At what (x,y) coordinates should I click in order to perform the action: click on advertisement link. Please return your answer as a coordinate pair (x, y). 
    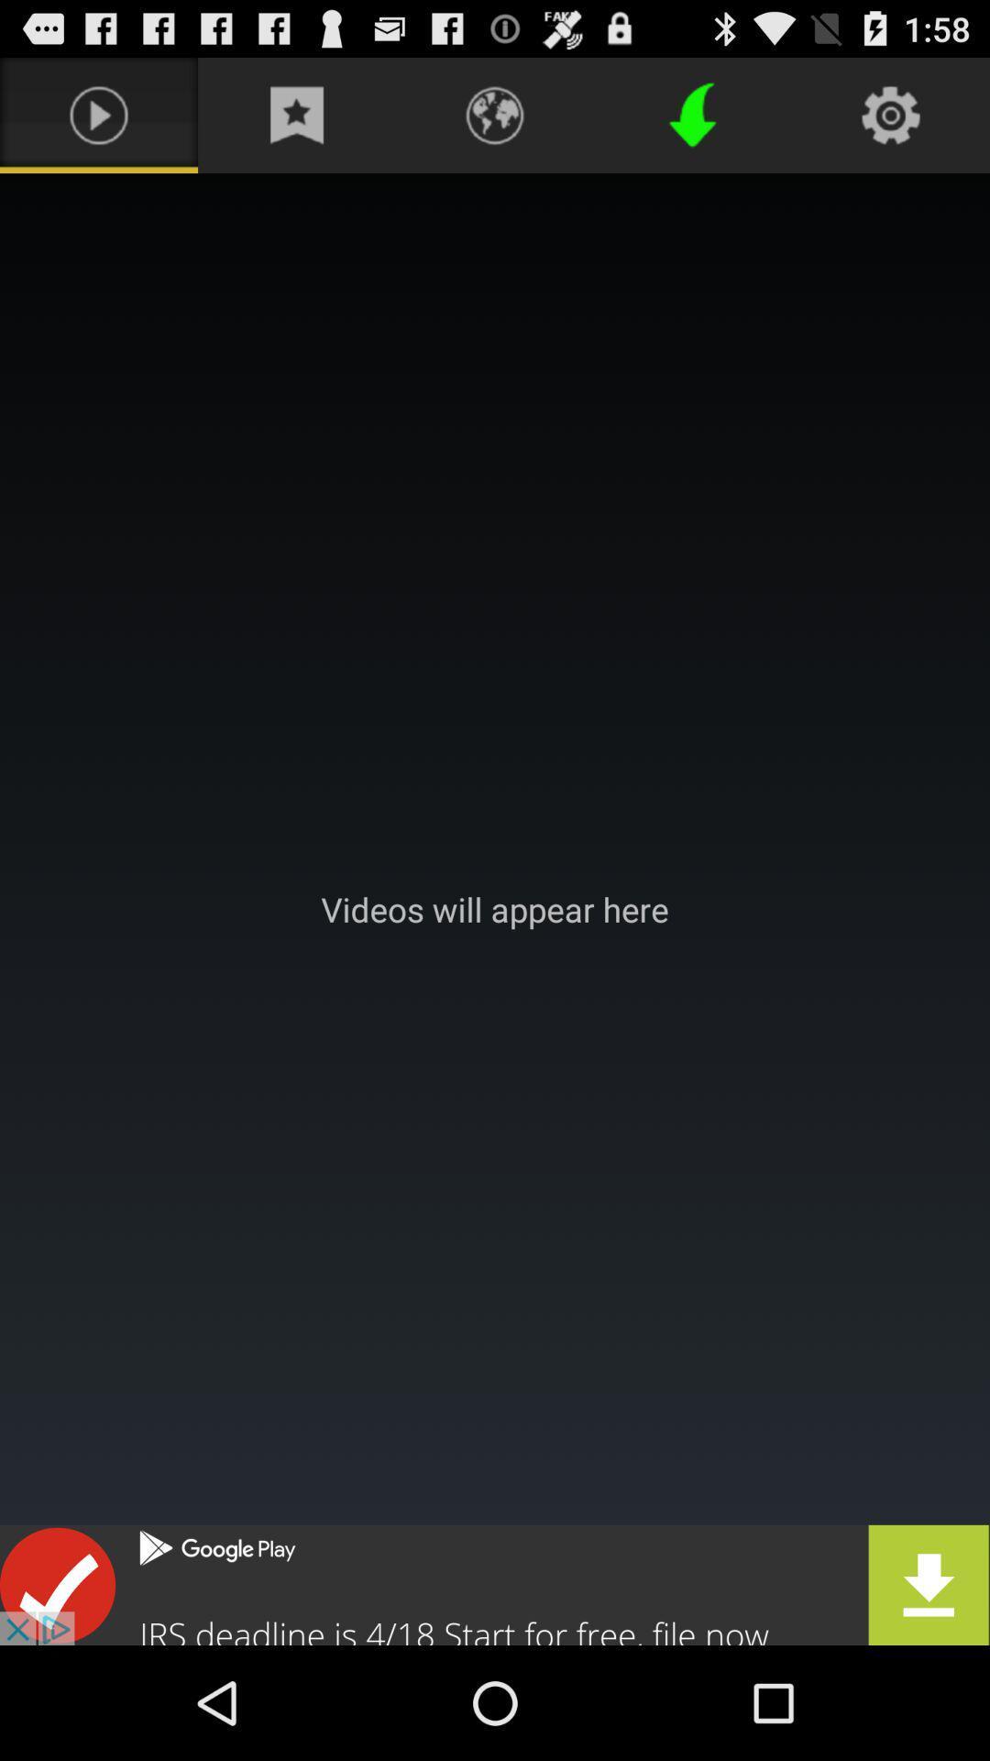
    Looking at the image, I should click on (495, 1584).